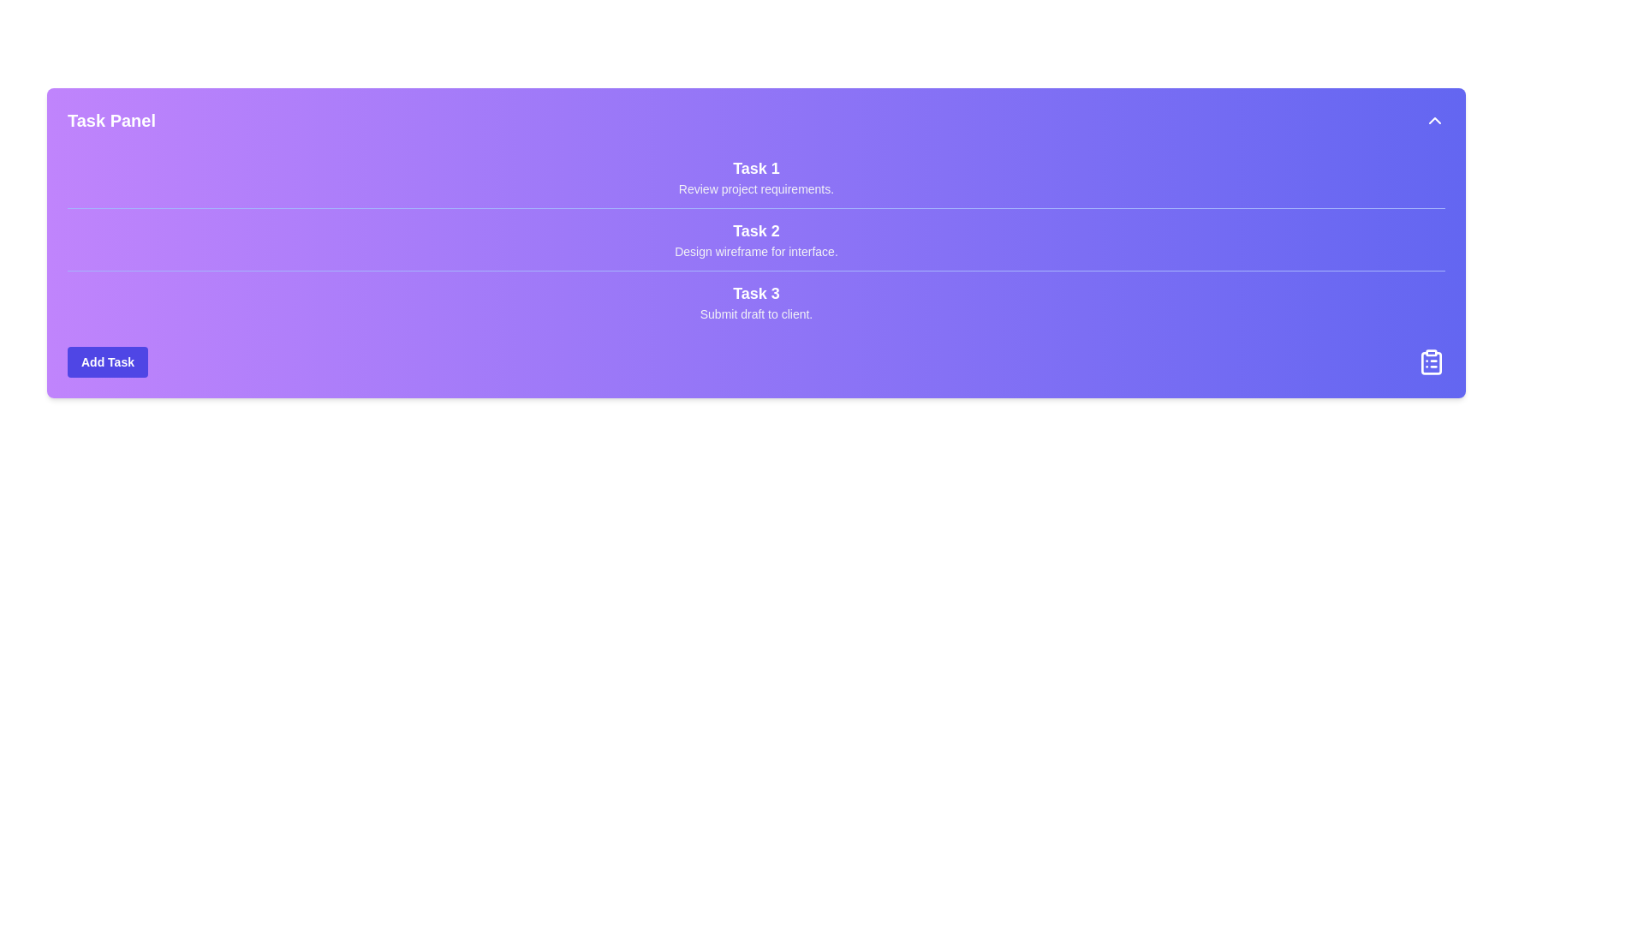  Describe the element at coordinates (1431, 362) in the screenshot. I see `the clipboard icon located in the bottom-right corner of the Task Panel, next to the 'Add Task' button` at that location.